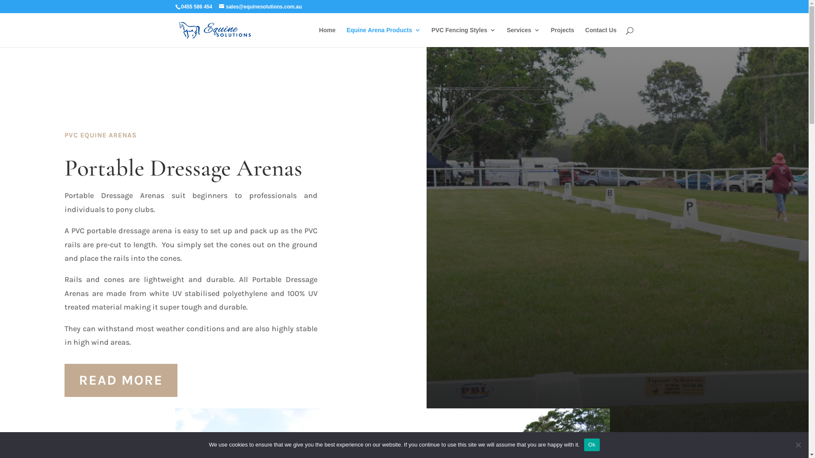 Image resolution: width=815 pixels, height=458 pixels. What do you see at coordinates (562, 36) in the screenshot?
I see `'Projects'` at bounding box center [562, 36].